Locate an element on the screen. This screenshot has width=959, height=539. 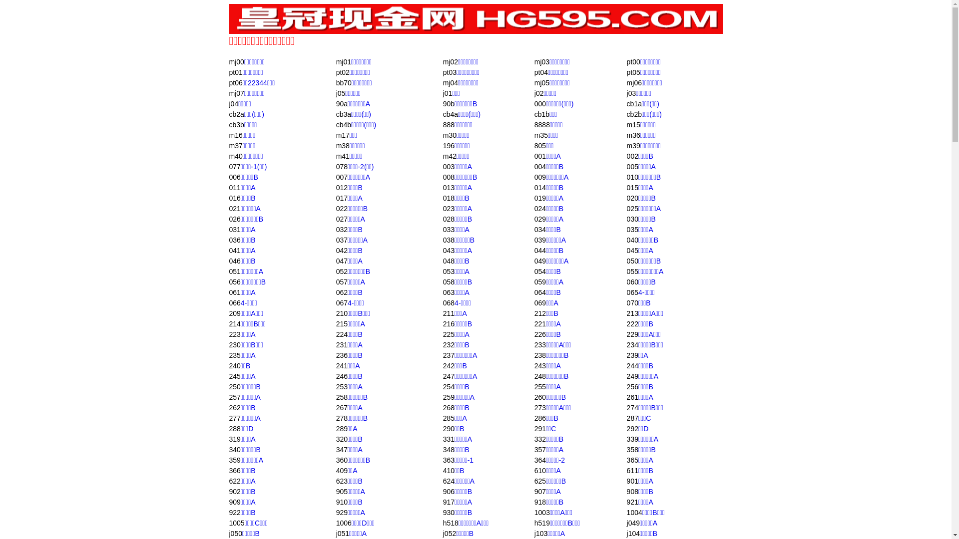
'003' is located at coordinates (448, 166).